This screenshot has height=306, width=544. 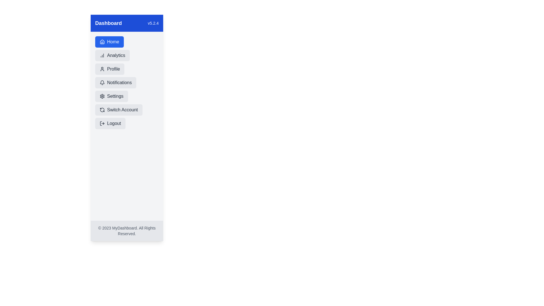 What do you see at coordinates (112, 56) in the screenshot?
I see `the Analytics button located on the vertical navigation sidebar, which is positioned below the 'Home' button and above the 'Profile' button` at bounding box center [112, 56].